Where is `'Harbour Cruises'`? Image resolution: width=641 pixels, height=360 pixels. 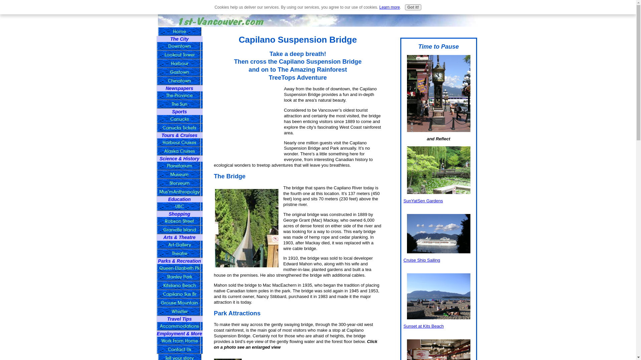
'Harbour Cruises' is located at coordinates (179, 142).